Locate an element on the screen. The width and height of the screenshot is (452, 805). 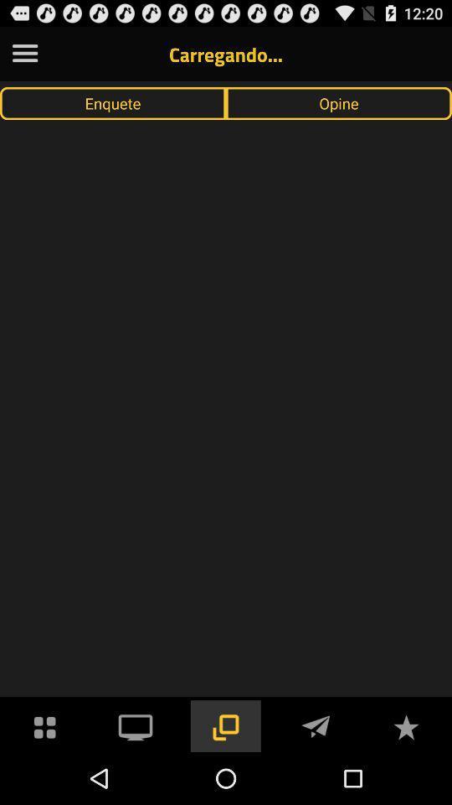
the button to the right of enquete icon is located at coordinates (339, 102).